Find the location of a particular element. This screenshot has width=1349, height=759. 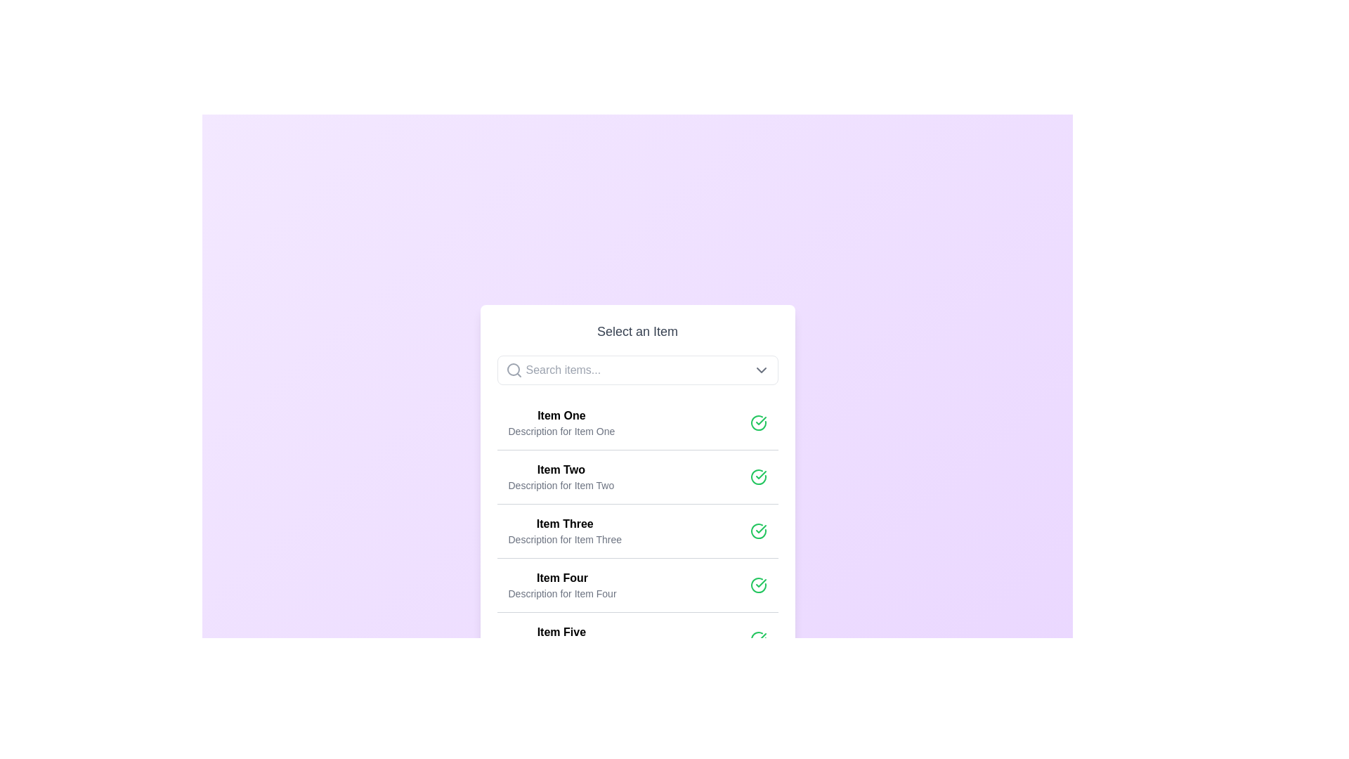

to select the list item labeled 'Item Four' with a description below it in a modal, located in the fourth position of the list is located at coordinates (562, 585).